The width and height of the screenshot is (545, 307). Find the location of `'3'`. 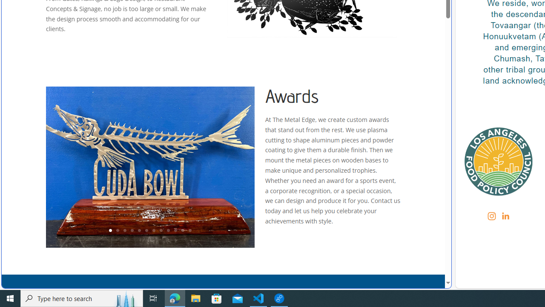

'3' is located at coordinates (124, 231).